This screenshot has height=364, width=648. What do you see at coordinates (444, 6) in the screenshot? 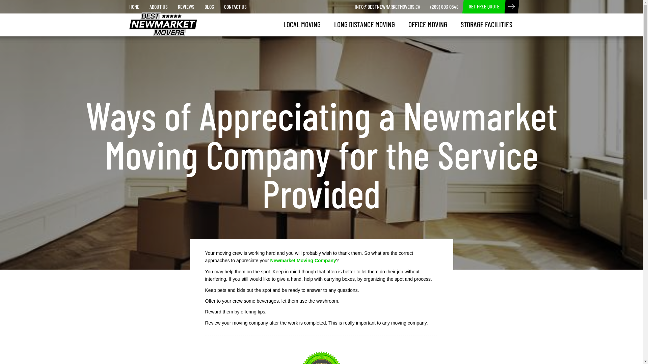
I see `'(289) 803 0548'` at bounding box center [444, 6].